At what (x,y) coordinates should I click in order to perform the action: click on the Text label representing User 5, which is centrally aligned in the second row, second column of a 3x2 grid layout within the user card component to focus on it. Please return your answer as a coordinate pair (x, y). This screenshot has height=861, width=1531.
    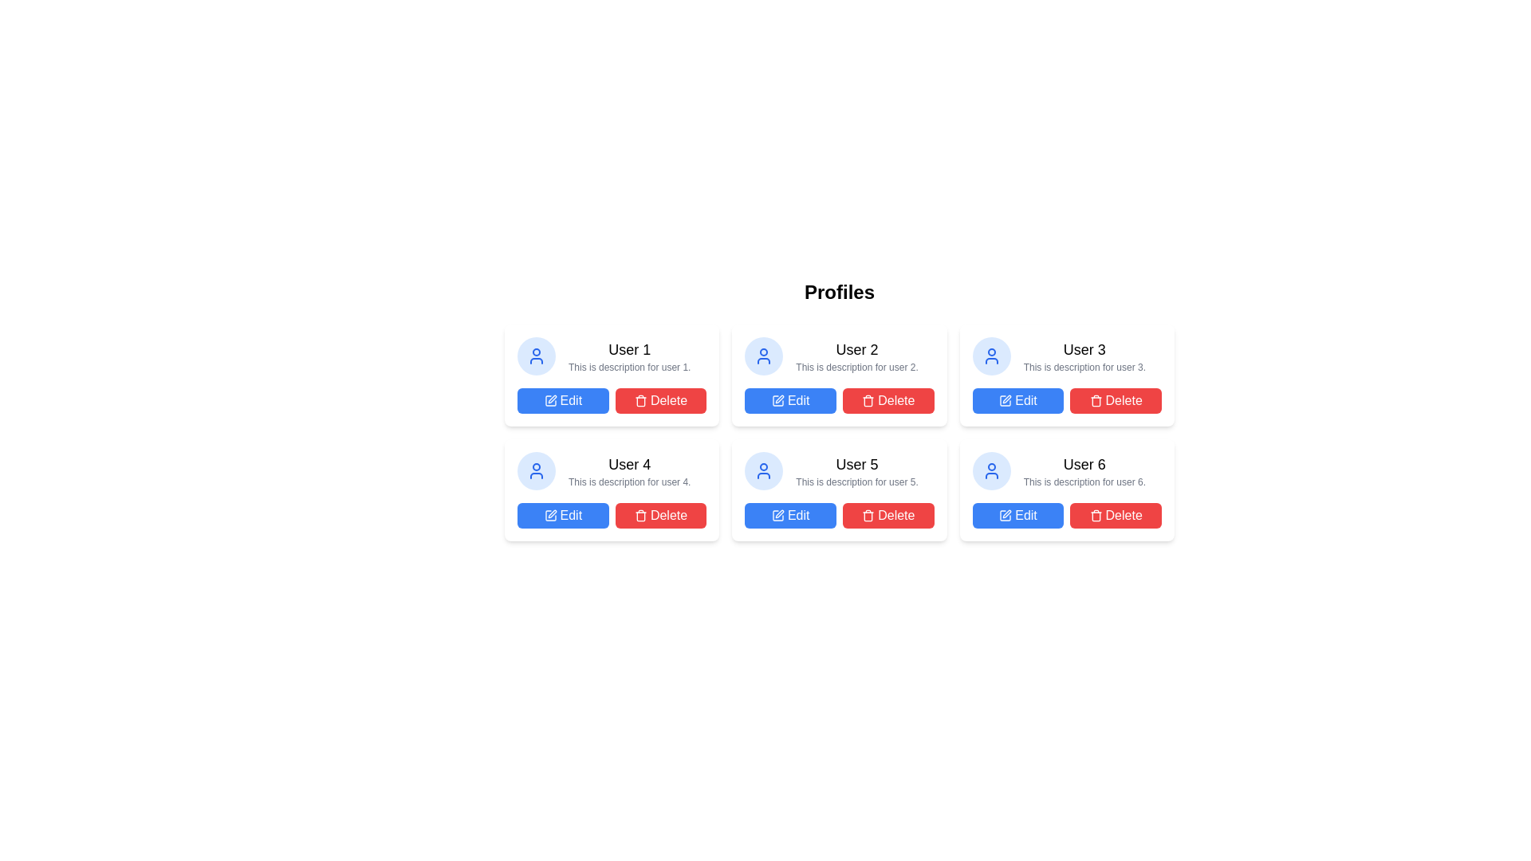
    Looking at the image, I should click on (838, 454).